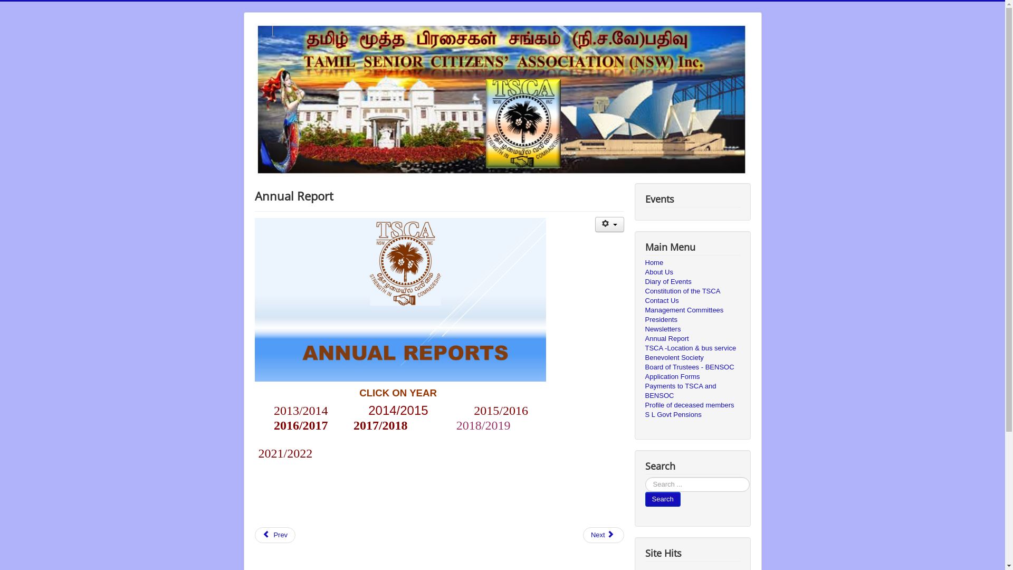 The image size is (1013, 570). I want to click on 'Home', so click(692, 262).